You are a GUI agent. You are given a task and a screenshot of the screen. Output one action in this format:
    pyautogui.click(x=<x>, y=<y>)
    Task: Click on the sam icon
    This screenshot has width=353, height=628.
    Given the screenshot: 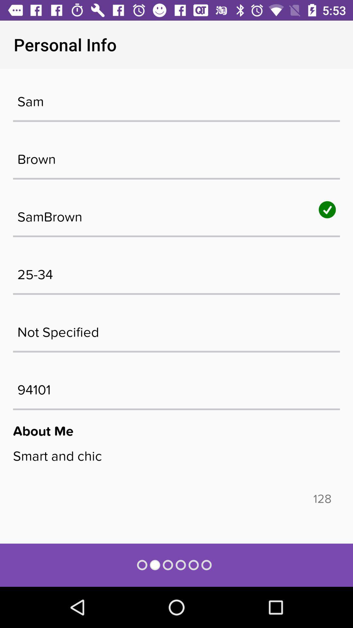 What is the action you would take?
    pyautogui.click(x=176, y=98)
    